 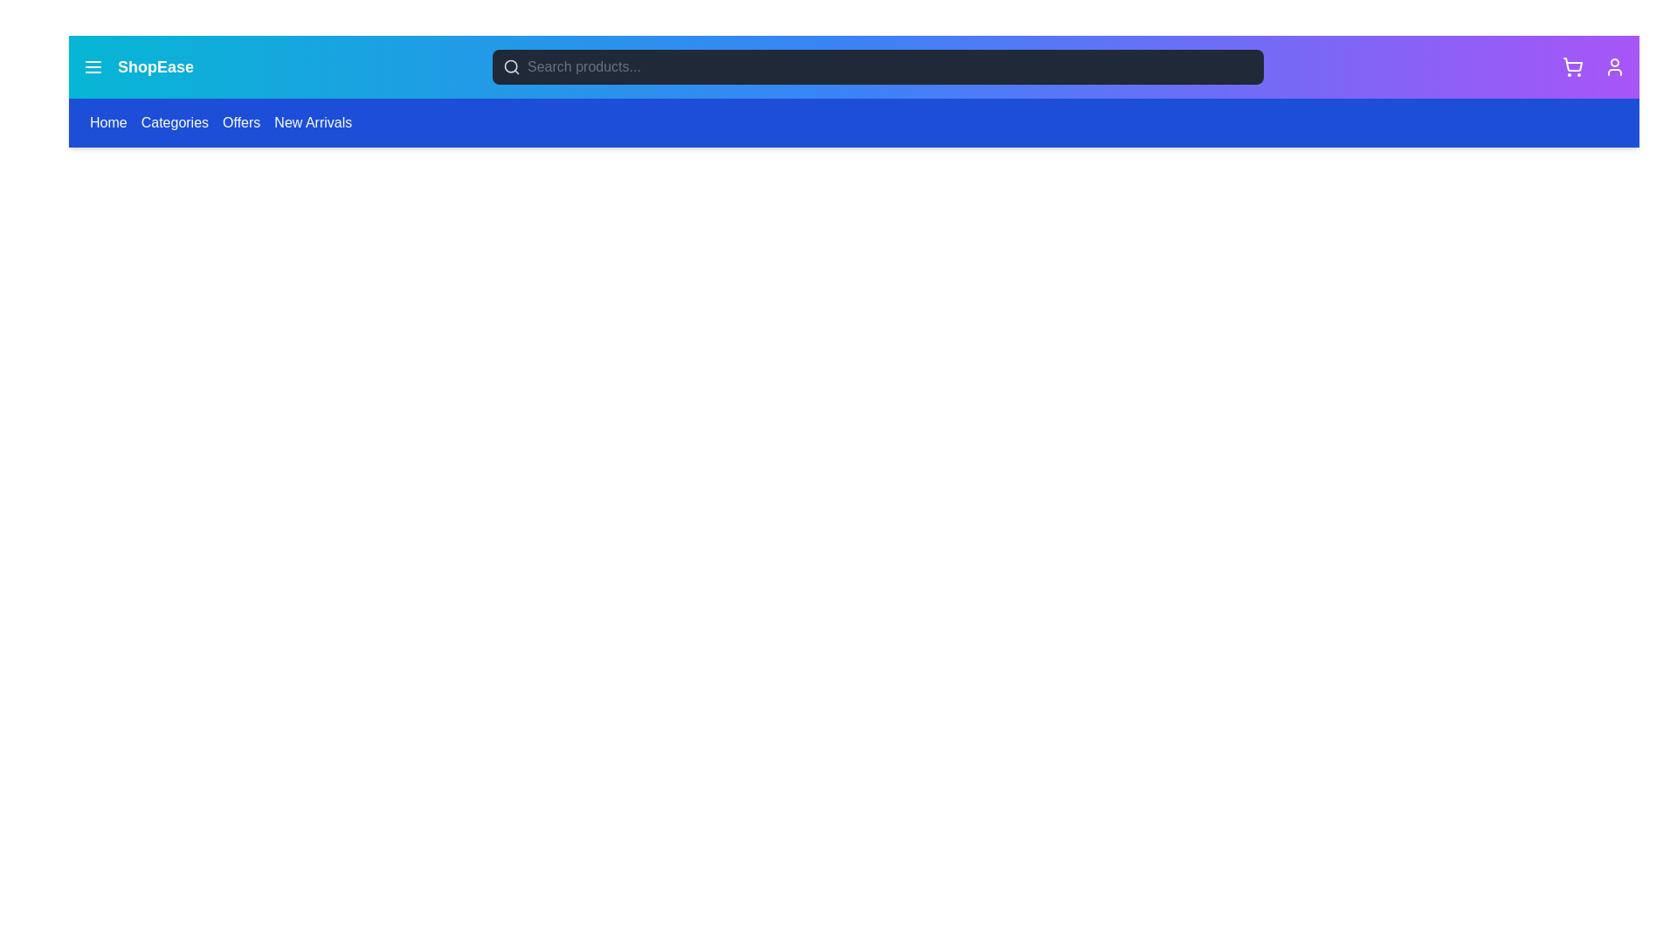 I want to click on the user profile icon located in the top-right corner of the header section to change its color to yellow, so click(x=1613, y=66).